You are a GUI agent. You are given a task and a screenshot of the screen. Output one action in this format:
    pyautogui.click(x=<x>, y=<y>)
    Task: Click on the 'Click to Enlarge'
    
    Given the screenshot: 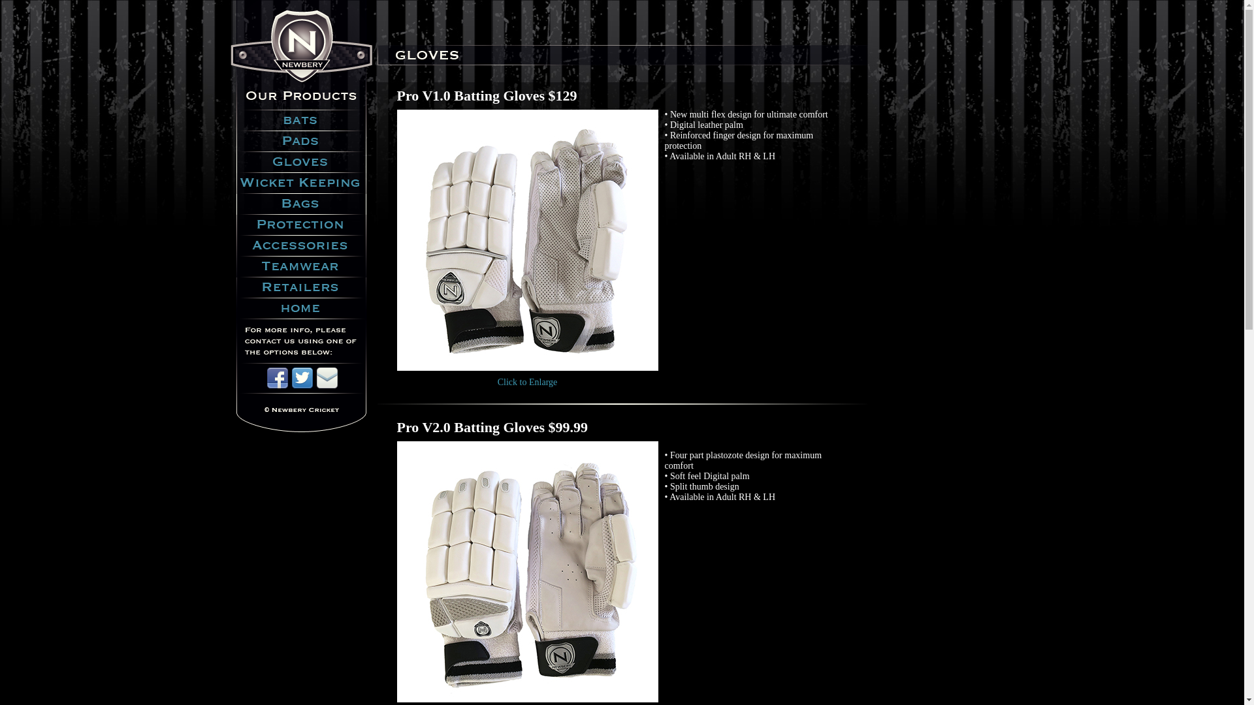 What is the action you would take?
    pyautogui.click(x=527, y=382)
    